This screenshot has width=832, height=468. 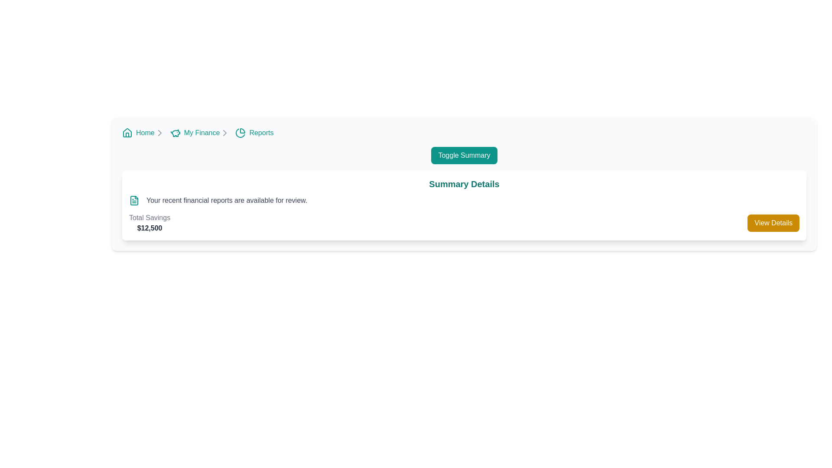 What do you see at coordinates (149, 228) in the screenshot?
I see `the Text Display that shows the total savings amount of "$12,500" located in the lower-left portion of the interface, directly underneath the label "Total Savings."` at bounding box center [149, 228].